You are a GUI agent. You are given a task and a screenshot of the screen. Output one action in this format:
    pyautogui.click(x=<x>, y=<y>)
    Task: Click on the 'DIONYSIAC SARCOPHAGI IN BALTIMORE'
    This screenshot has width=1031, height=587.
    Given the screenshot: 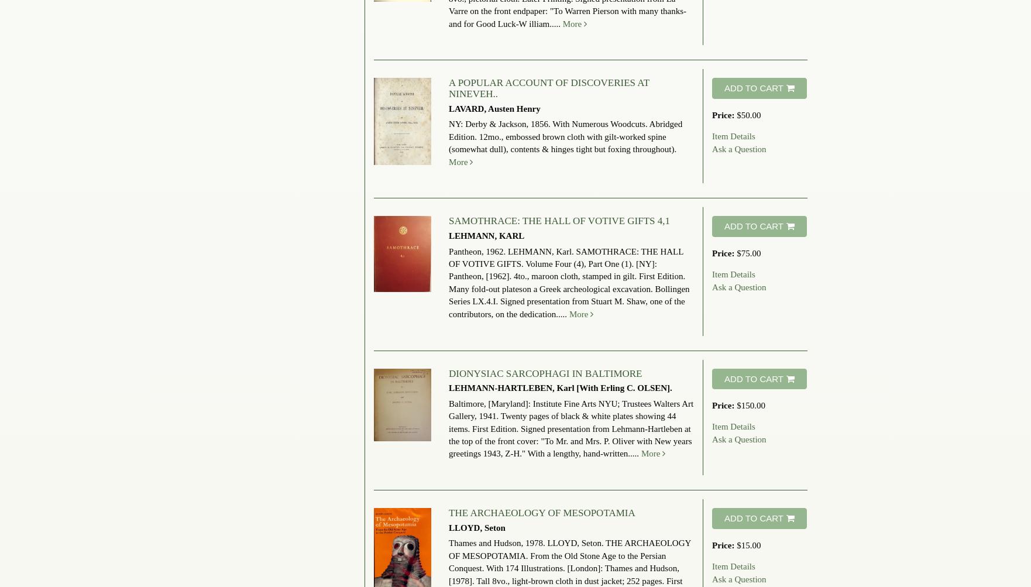 What is the action you would take?
    pyautogui.click(x=448, y=373)
    